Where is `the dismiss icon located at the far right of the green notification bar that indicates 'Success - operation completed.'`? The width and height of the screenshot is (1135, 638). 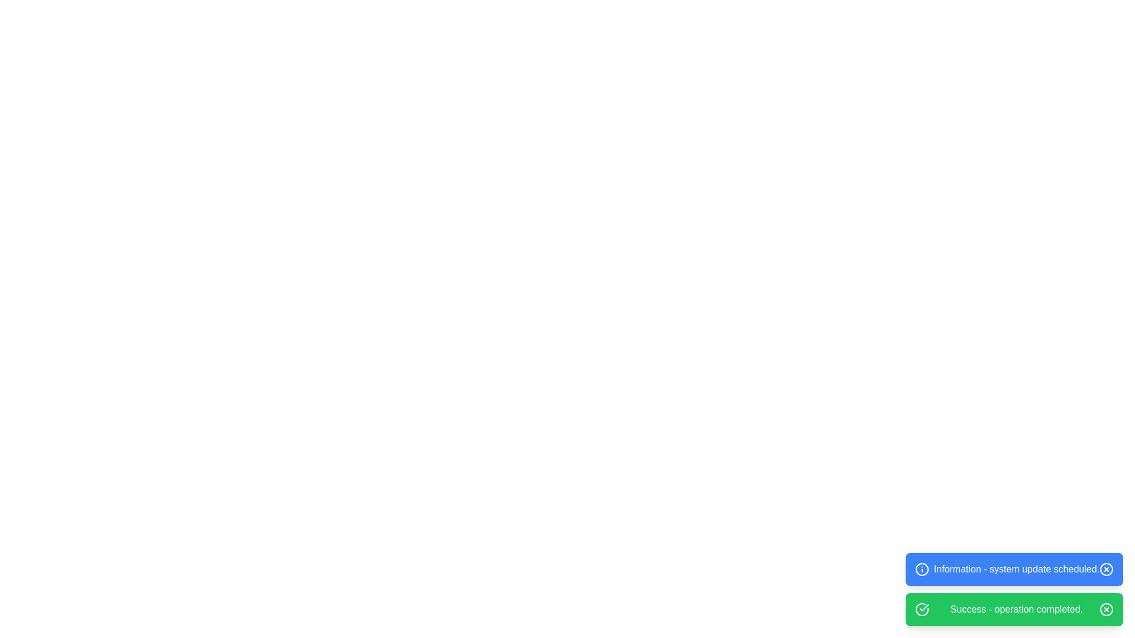 the dismiss icon located at the far right of the green notification bar that indicates 'Success - operation completed.' is located at coordinates (1106, 610).